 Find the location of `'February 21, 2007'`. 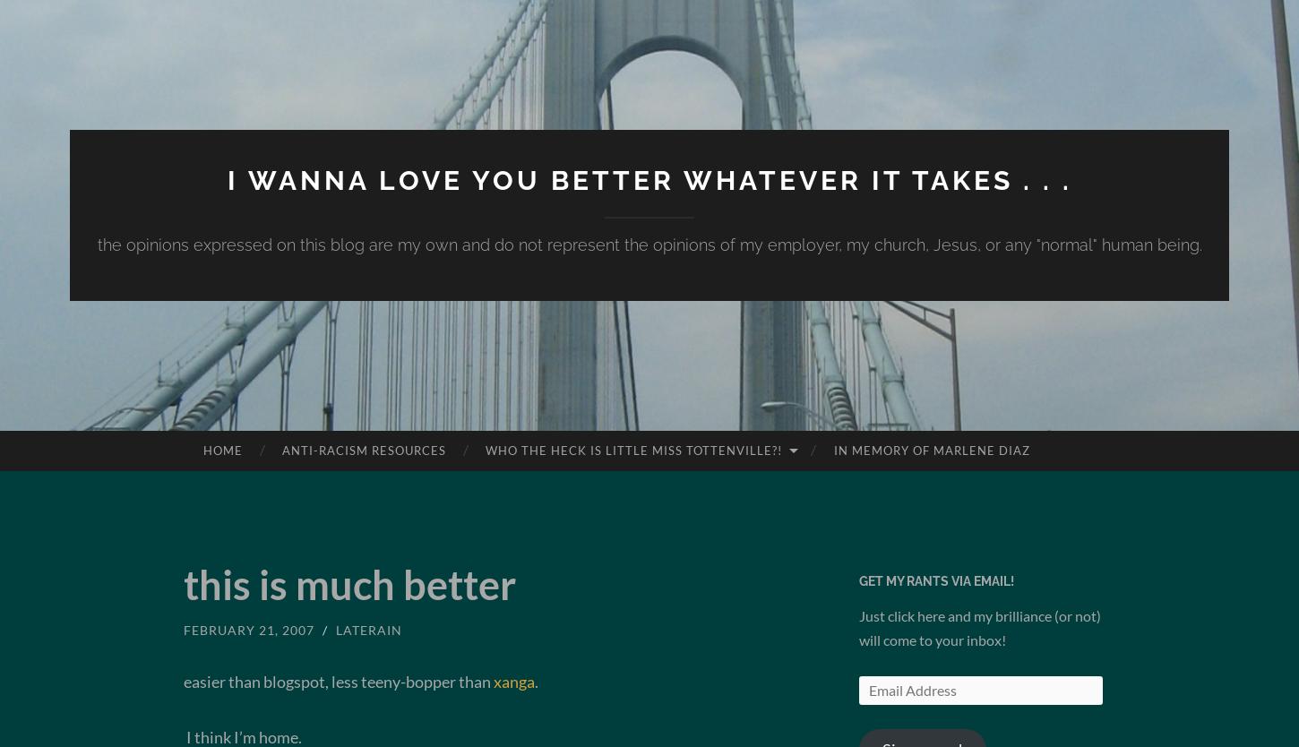

'February 21, 2007' is located at coordinates (248, 630).